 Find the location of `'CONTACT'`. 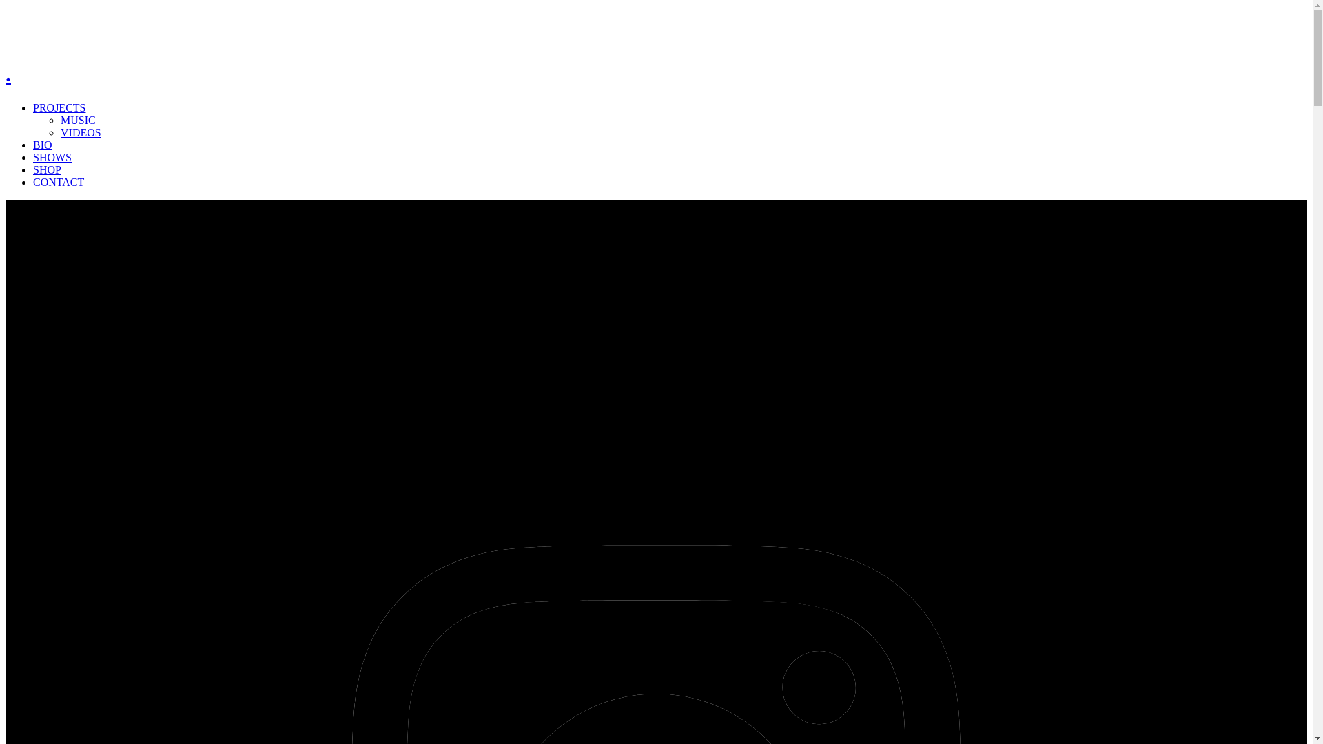

'CONTACT' is located at coordinates (58, 181).